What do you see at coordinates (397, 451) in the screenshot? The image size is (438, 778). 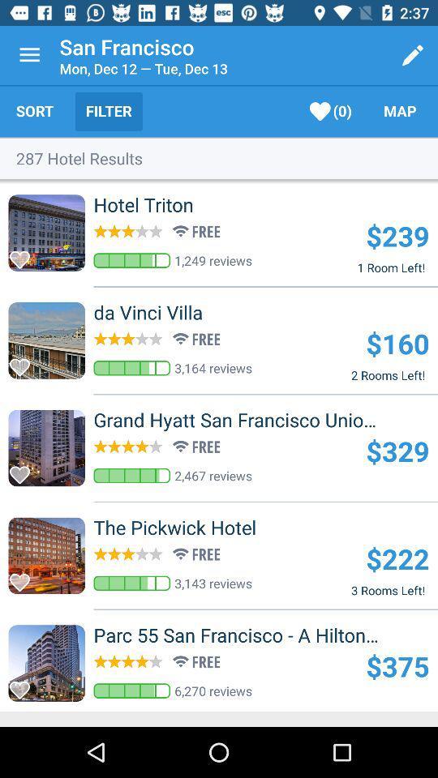 I see `$329` at bounding box center [397, 451].